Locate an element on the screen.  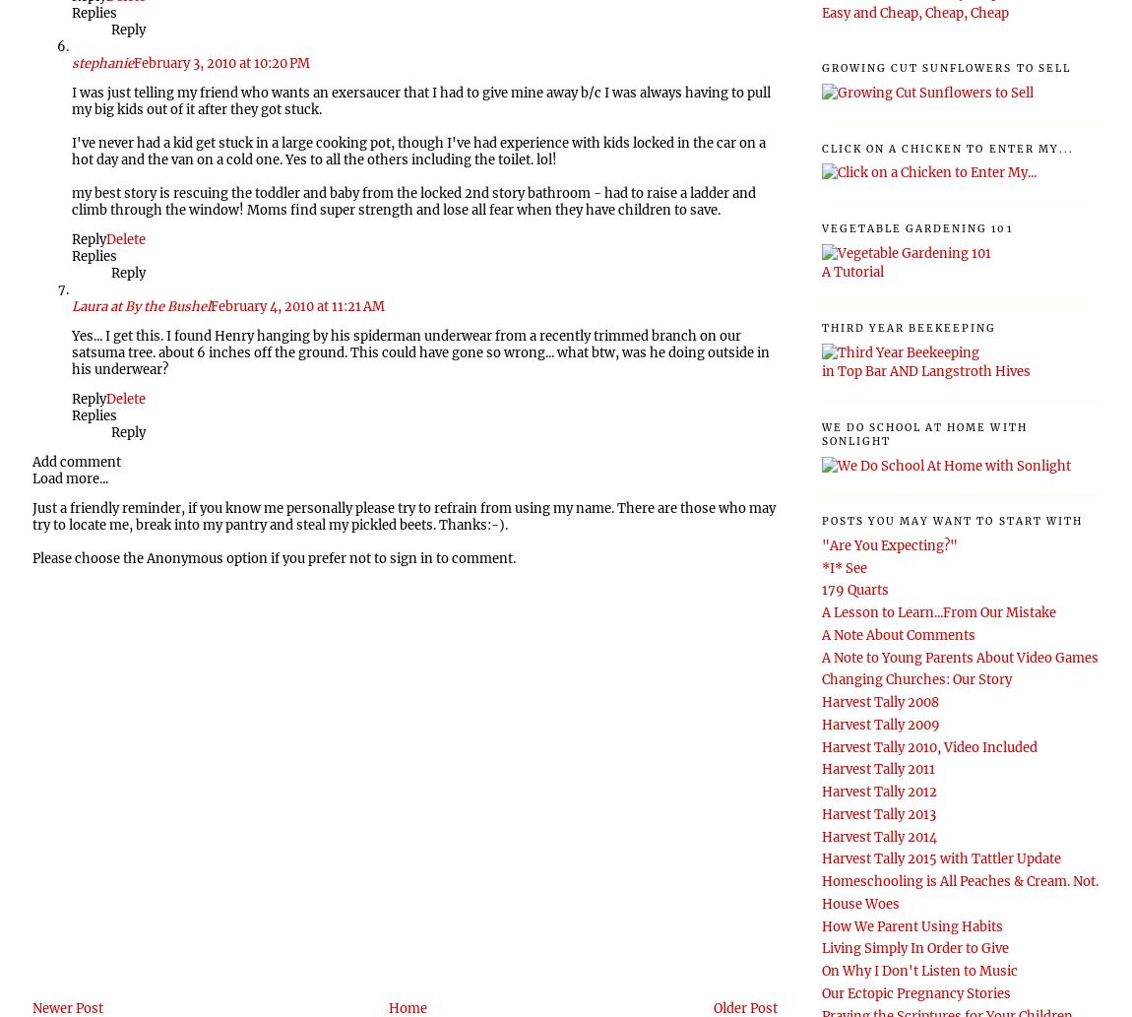
'A Note About Comments' is located at coordinates (897, 633).